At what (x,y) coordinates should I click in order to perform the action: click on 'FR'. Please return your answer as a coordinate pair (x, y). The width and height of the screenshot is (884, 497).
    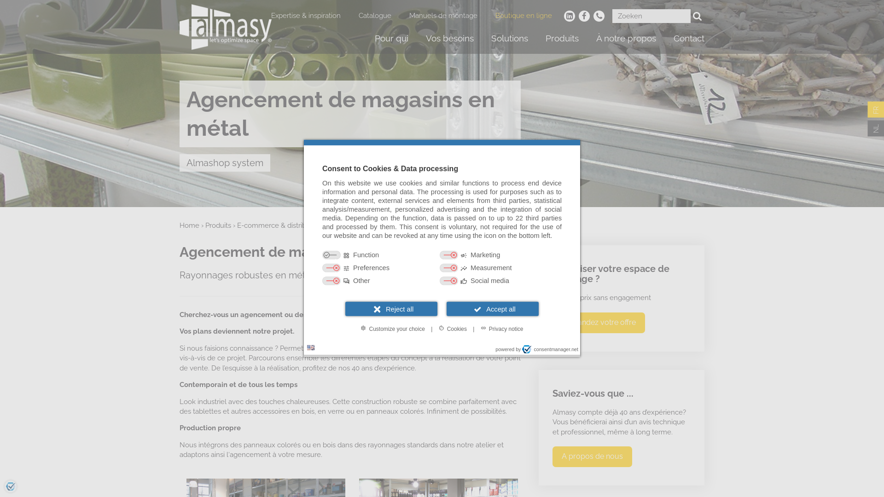
    Looking at the image, I should click on (867, 109).